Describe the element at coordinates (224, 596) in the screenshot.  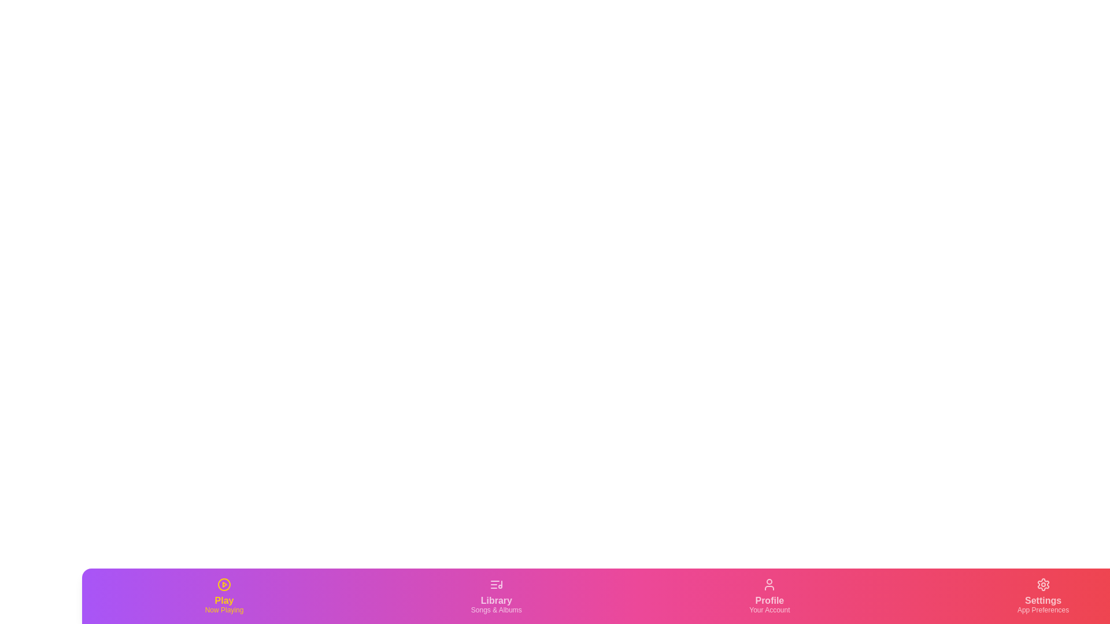
I see `the Play tab` at that location.